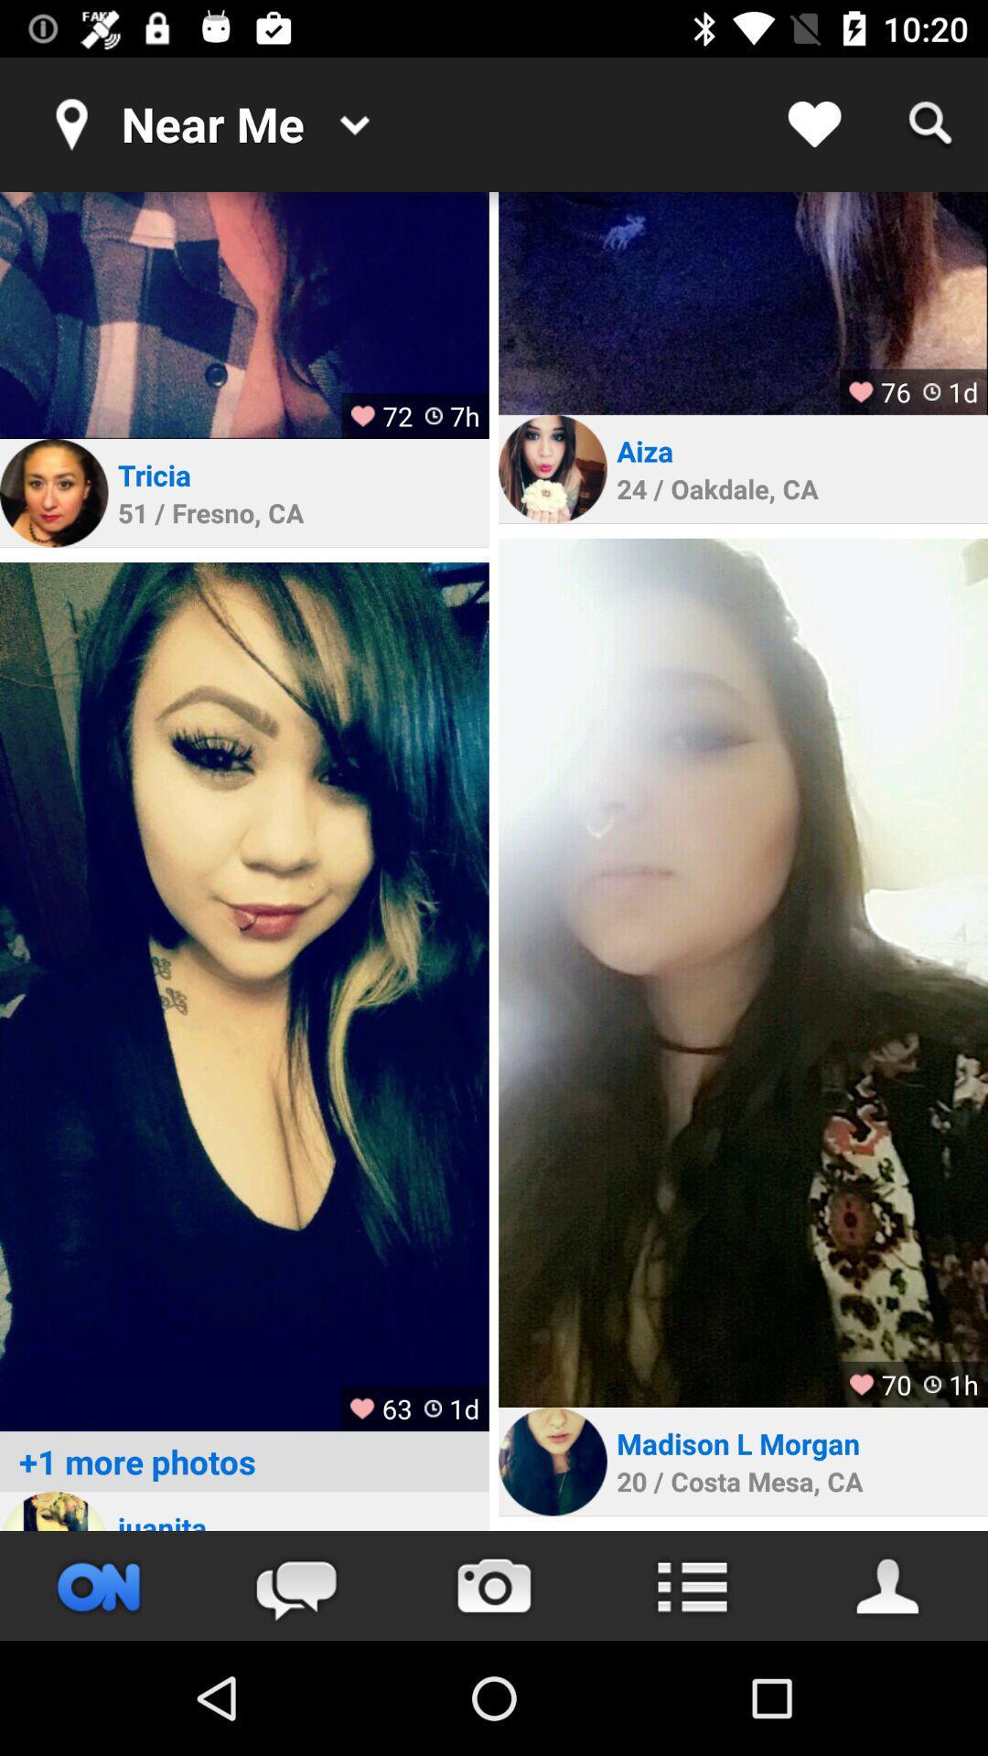 Image resolution: width=988 pixels, height=1756 pixels. I want to click on chat, so click(295, 1585).